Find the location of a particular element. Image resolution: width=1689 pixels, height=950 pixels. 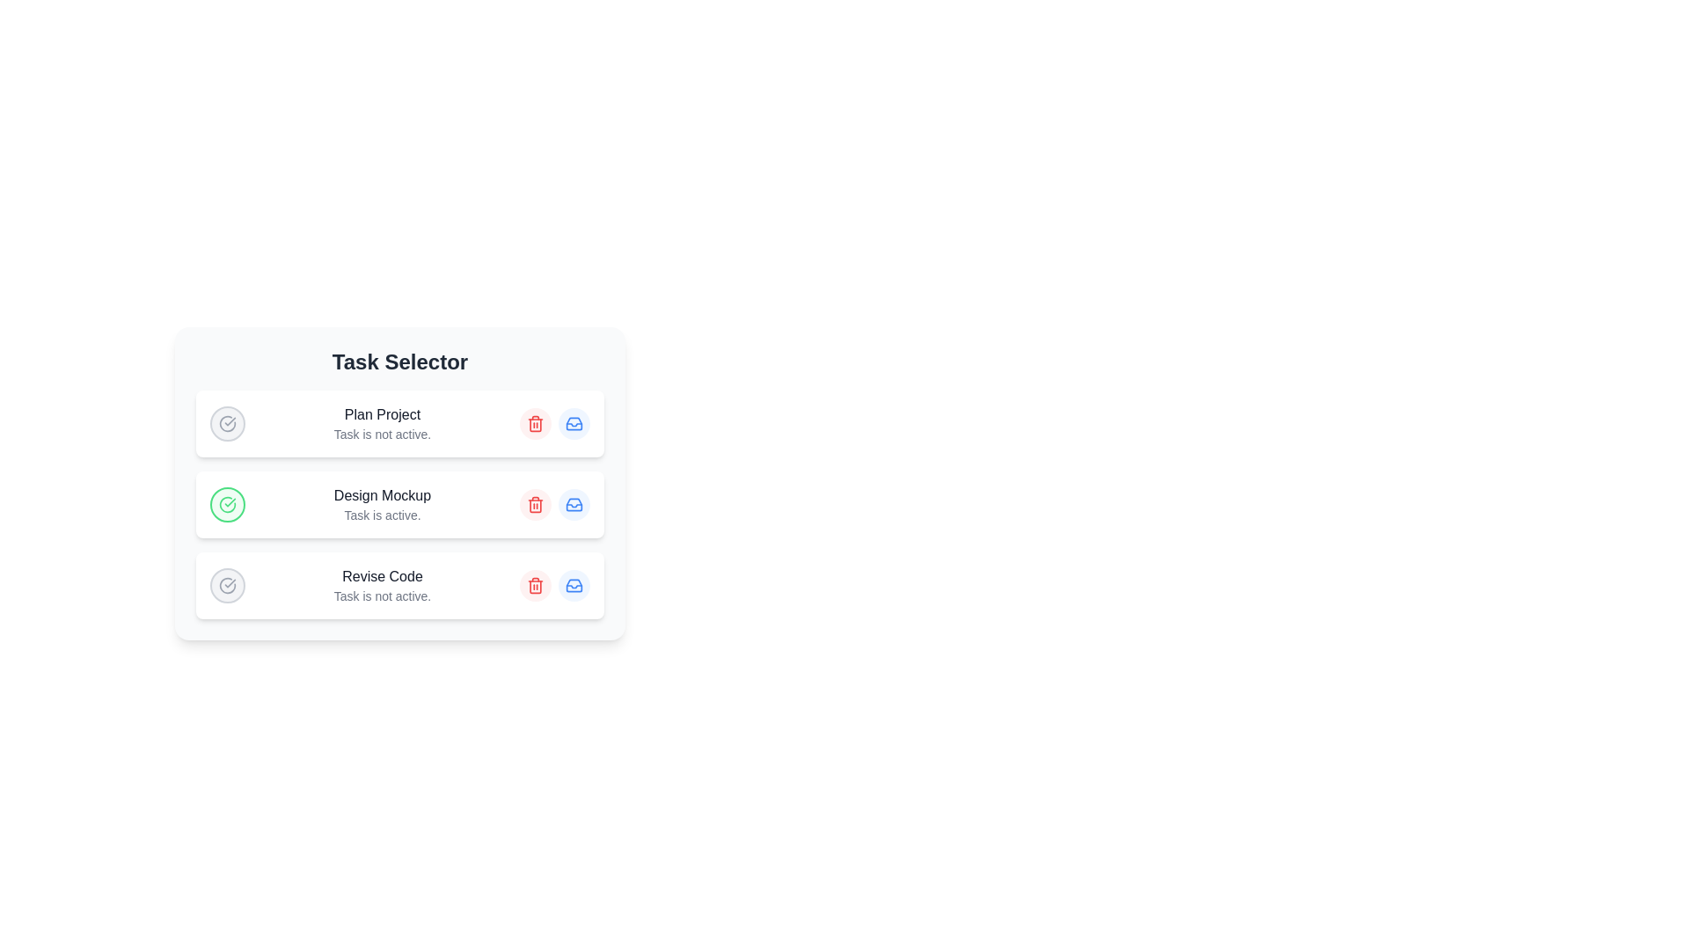

the circular icon with a gray border and checkmark symbol located in the first row of the task list adjacent to the 'Plan Project' text to interact or toggle its state is located at coordinates (227, 424).